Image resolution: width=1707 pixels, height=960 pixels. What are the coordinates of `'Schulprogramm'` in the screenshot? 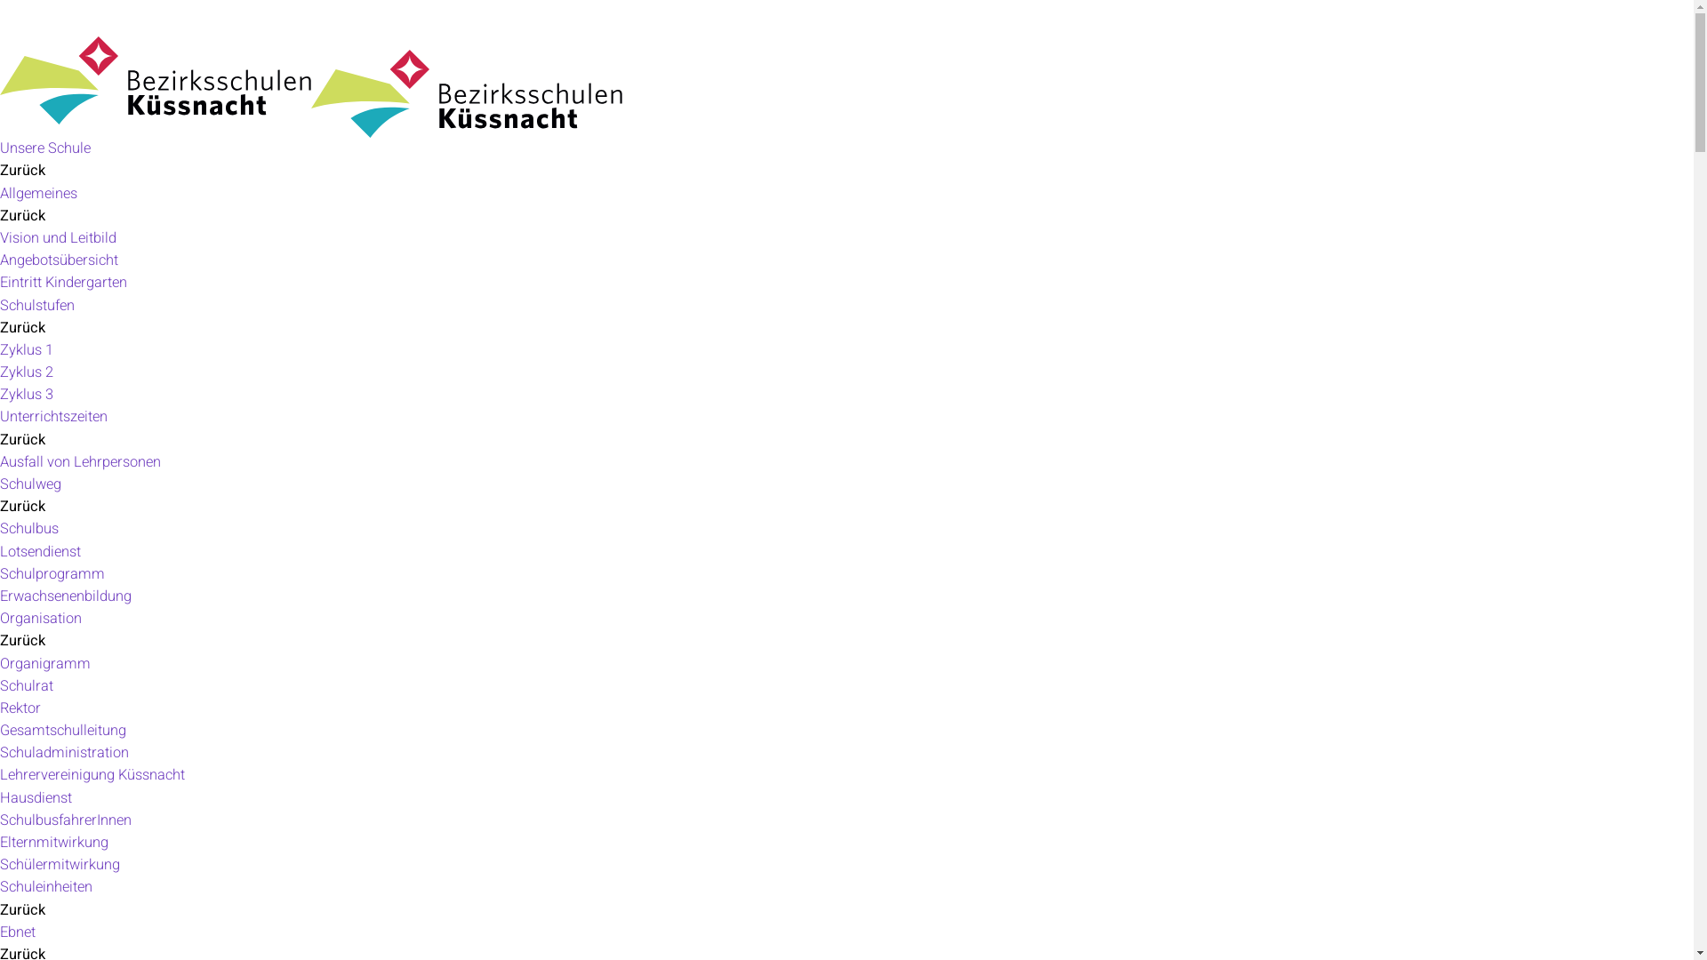 It's located at (52, 573).